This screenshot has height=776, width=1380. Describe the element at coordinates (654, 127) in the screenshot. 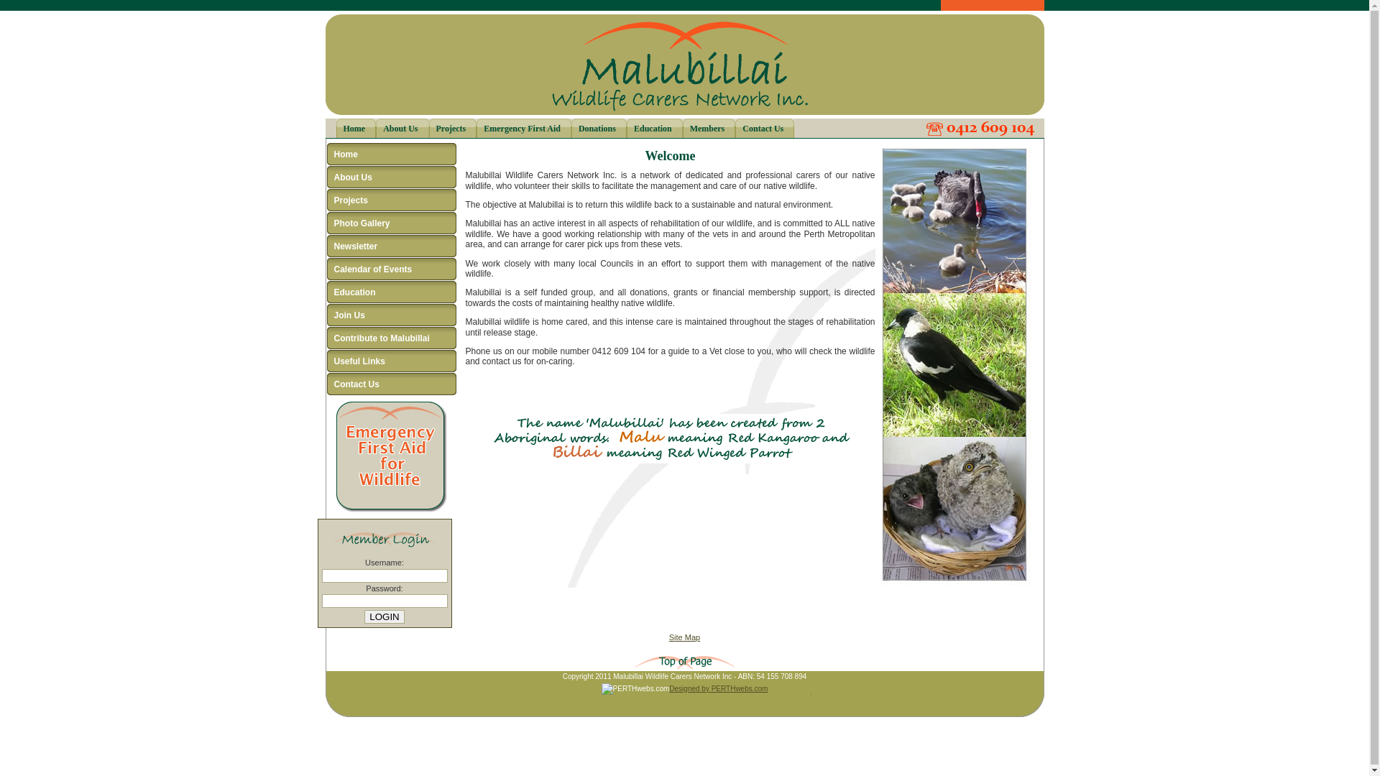

I see `'Education'` at that location.